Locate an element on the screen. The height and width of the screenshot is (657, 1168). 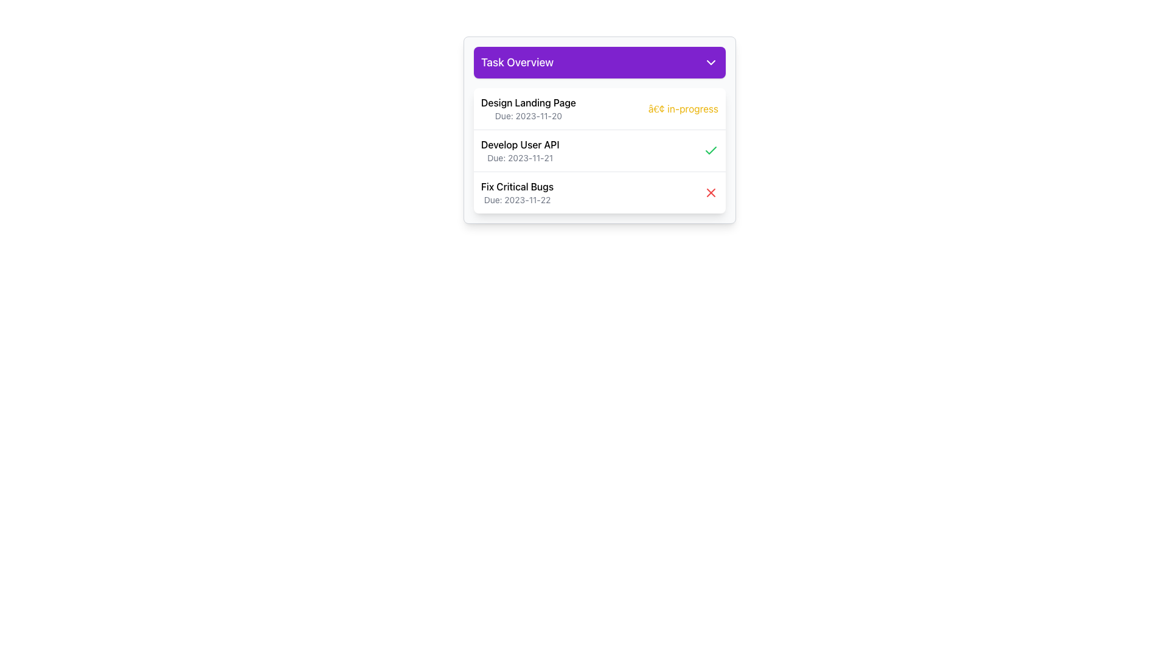
the text label indicating the status '• in-progress' in yellow color located in the topmost task row of the 'Task Overview' dropdown is located at coordinates (683, 108).